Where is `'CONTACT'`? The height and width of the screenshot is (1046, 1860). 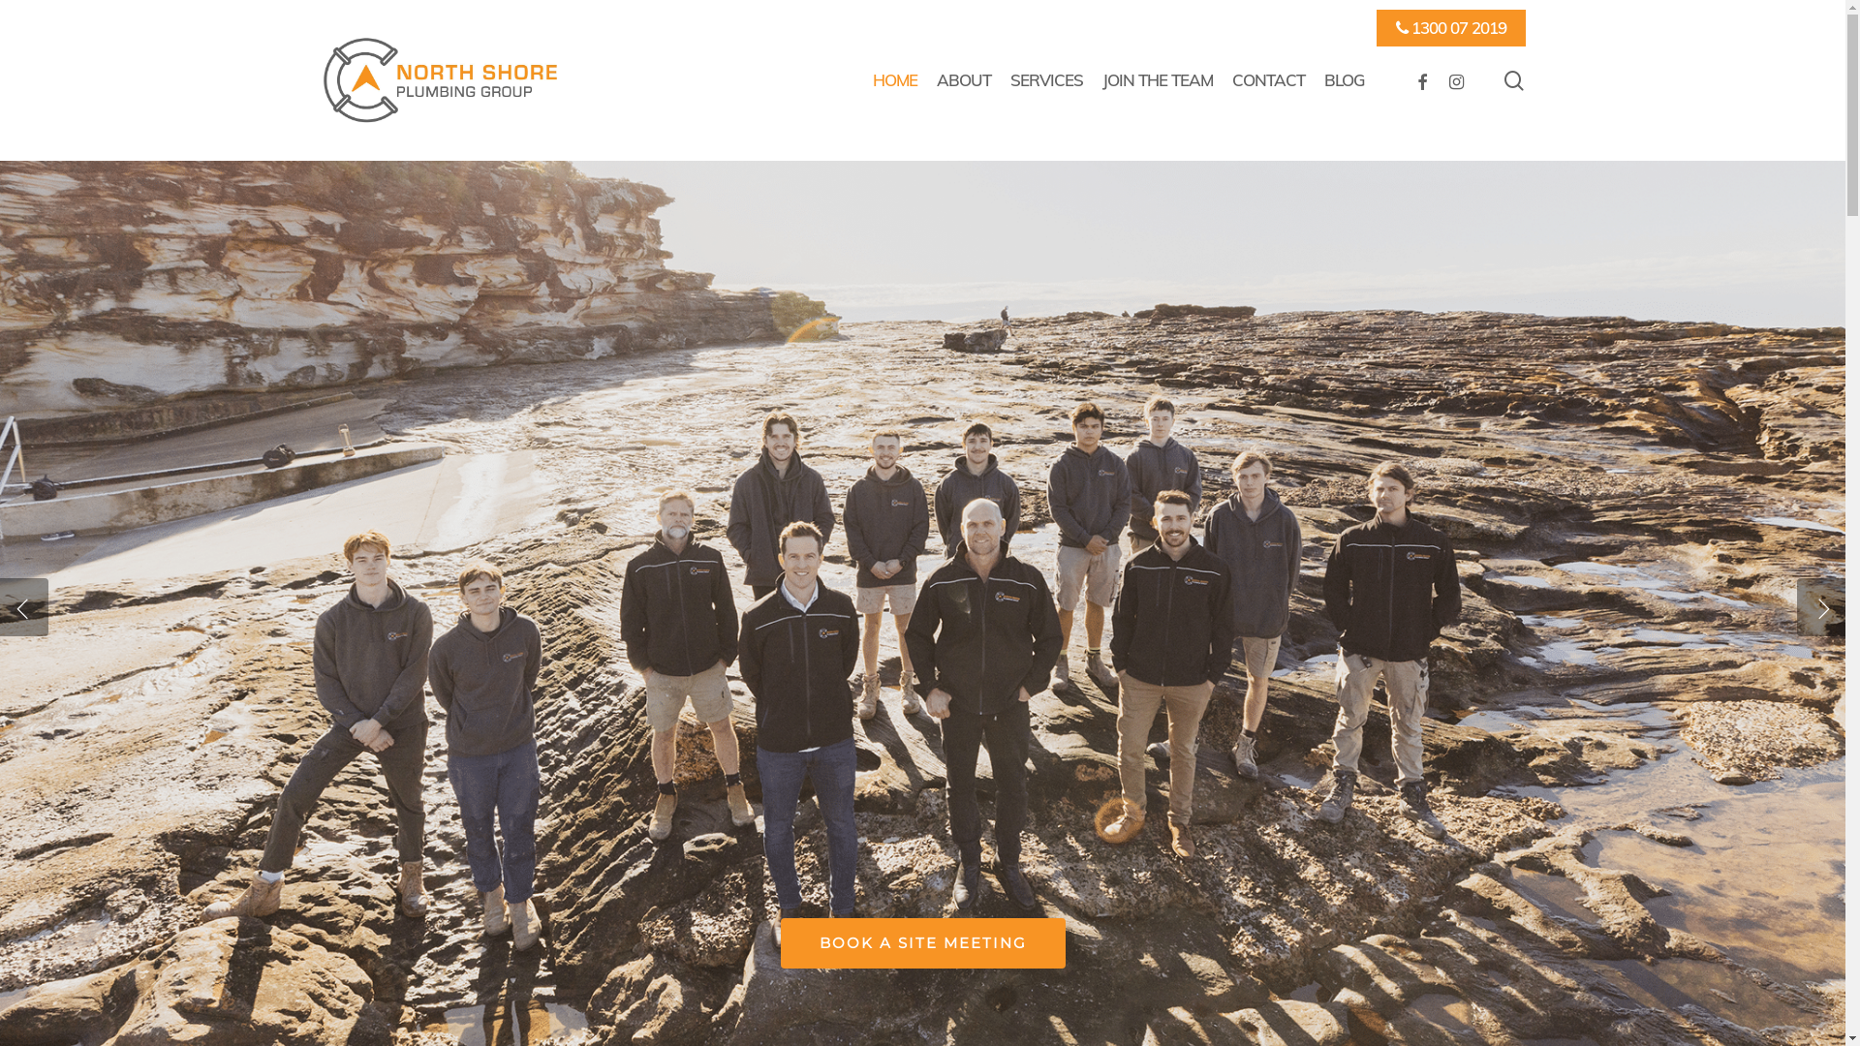
'CONTACT' is located at coordinates (1268, 79).